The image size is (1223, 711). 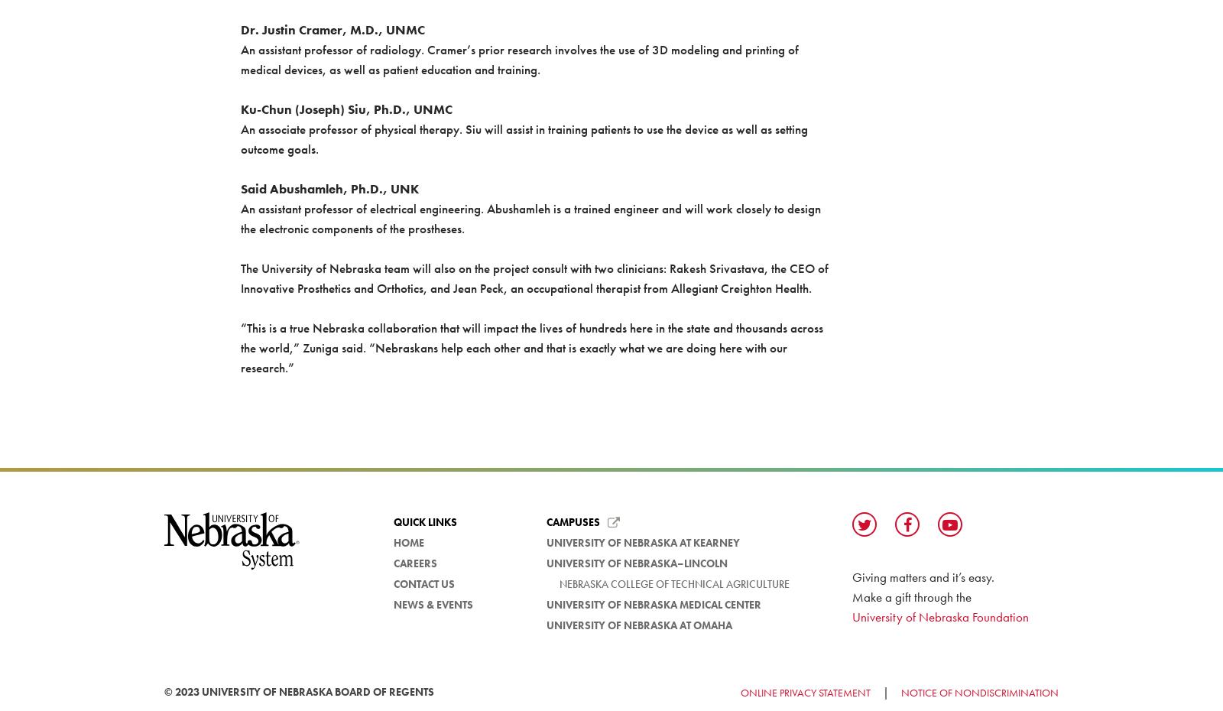 I want to click on 'University of Nebraska–Lincoln', so click(x=636, y=563).